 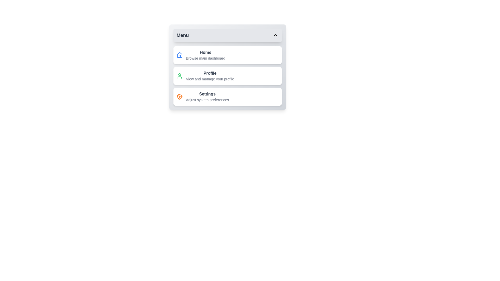 I want to click on the menu item Settings from the menu, so click(x=227, y=97).